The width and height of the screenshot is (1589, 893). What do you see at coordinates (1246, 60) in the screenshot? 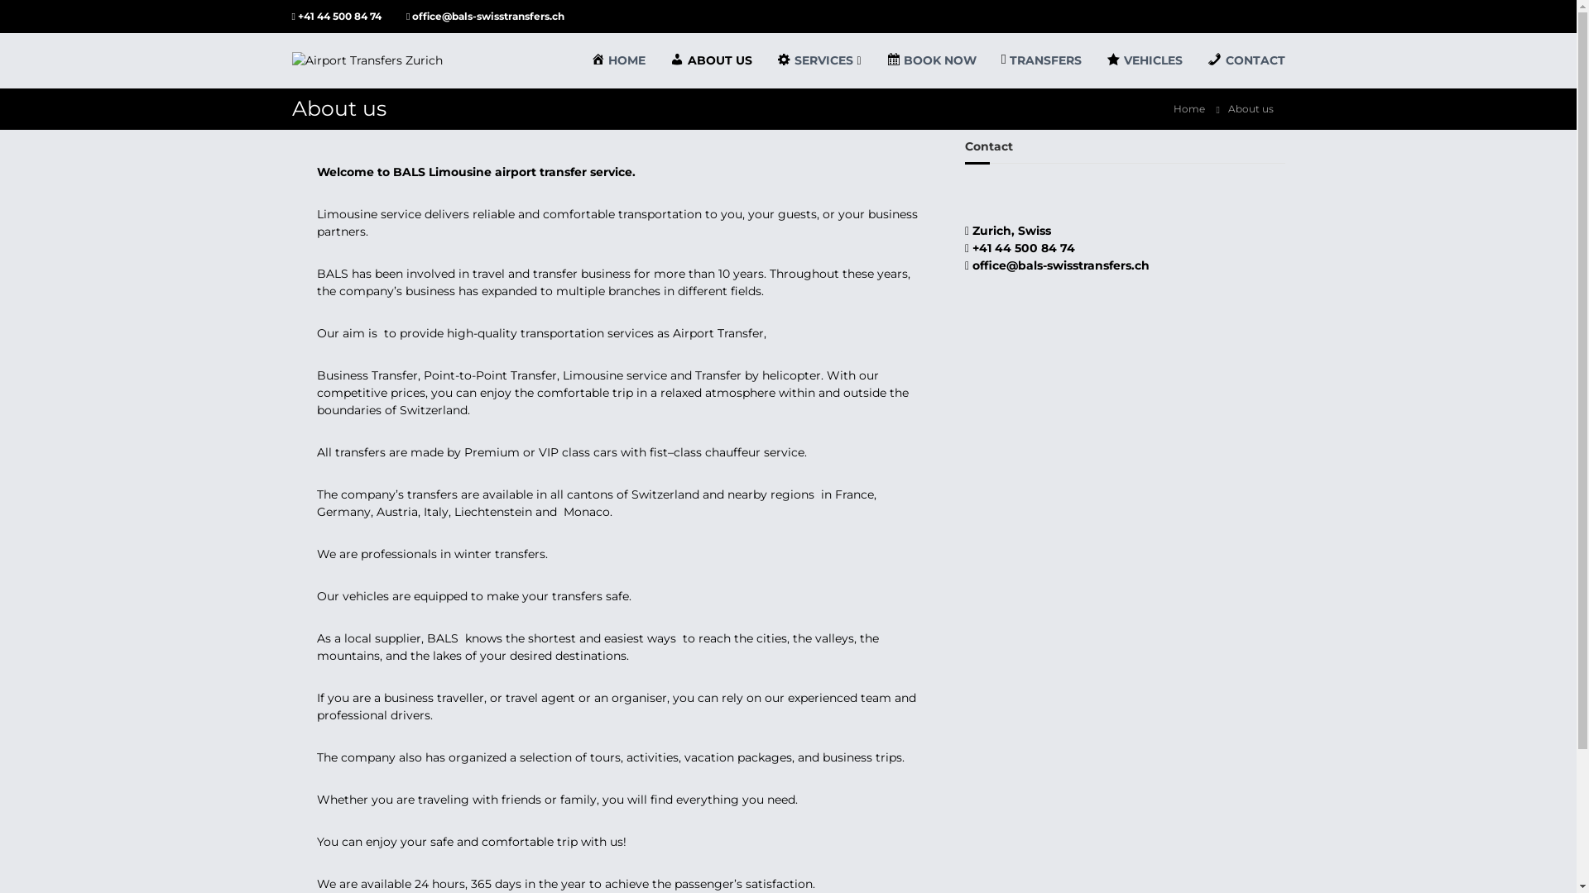
I see `'CONTACT'` at bounding box center [1246, 60].